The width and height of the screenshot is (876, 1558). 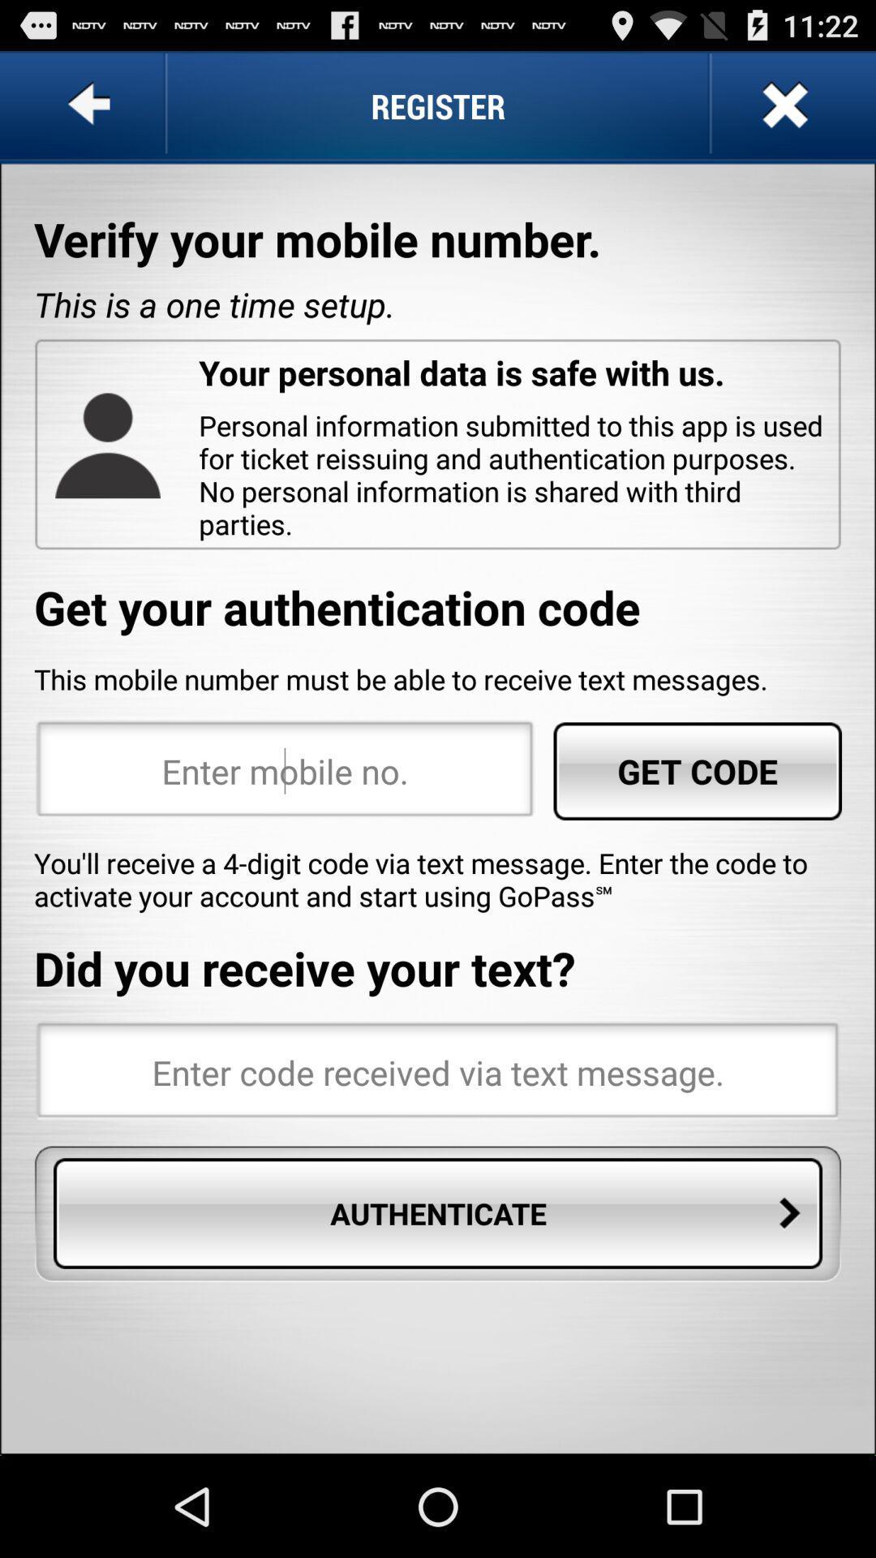 What do you see at coordinates (92, 105) in the screenshot?
I see `the app next to the register app` at bounding box center [92, 105].